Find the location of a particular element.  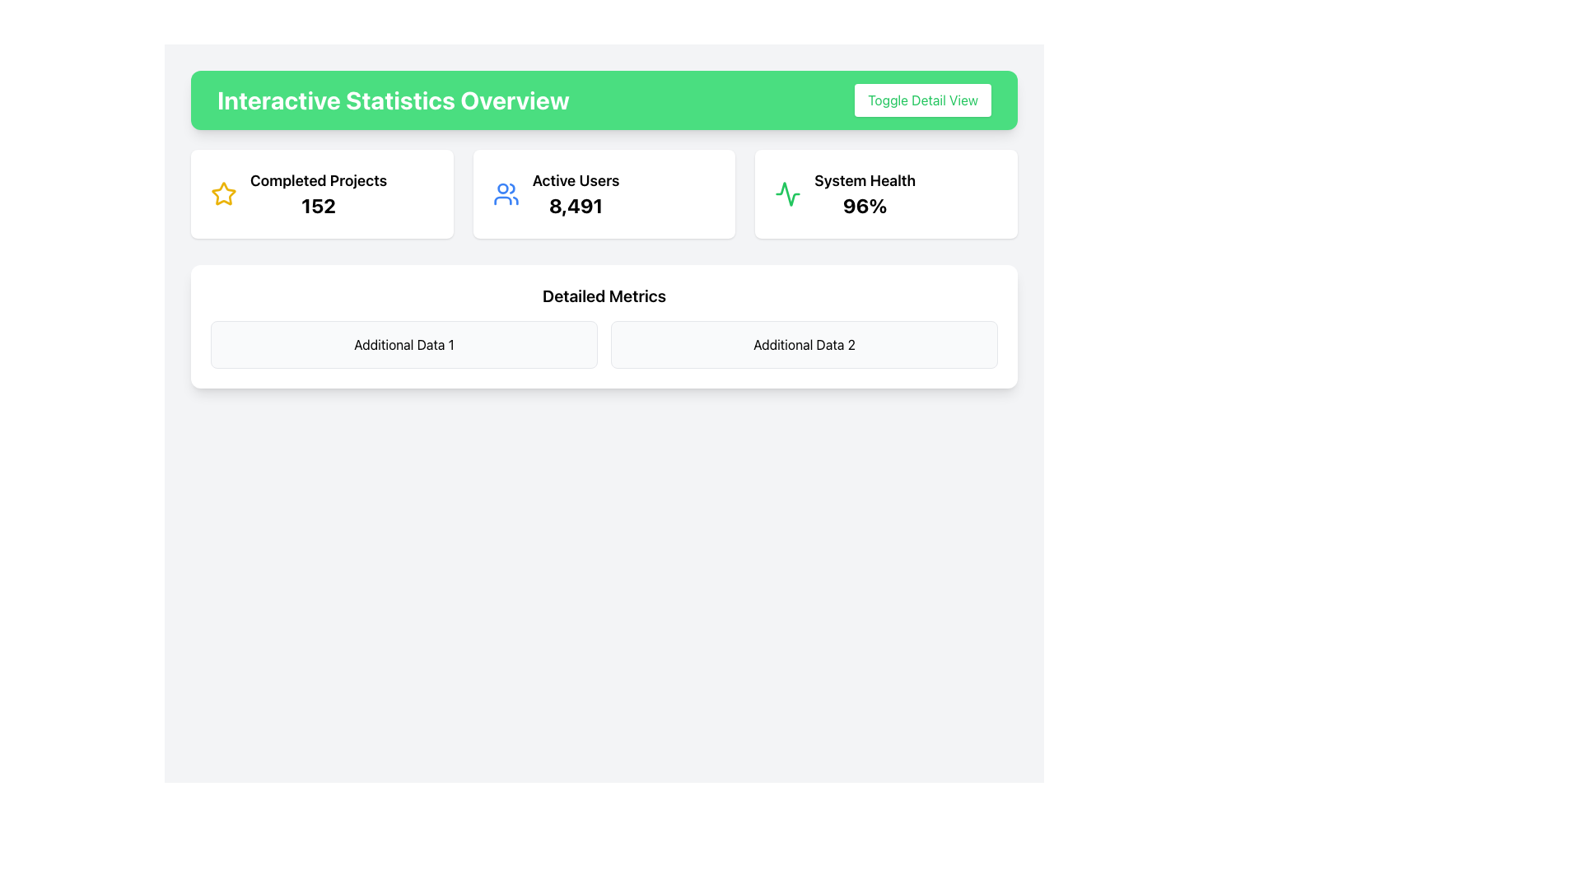

the static text display showing the numeric value '152' beneath the label 'Completed Projects' in the top-left card of the interface is located at coordinates (319, 205).